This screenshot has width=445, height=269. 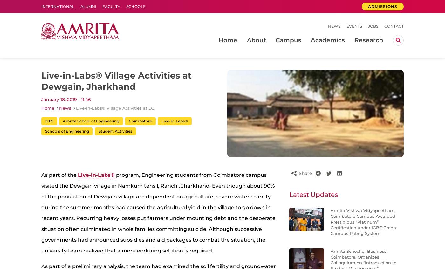 What do you see at coordinates (65, 107) in the screenshot?
I see `'News'` at bounding box center [65, 107].